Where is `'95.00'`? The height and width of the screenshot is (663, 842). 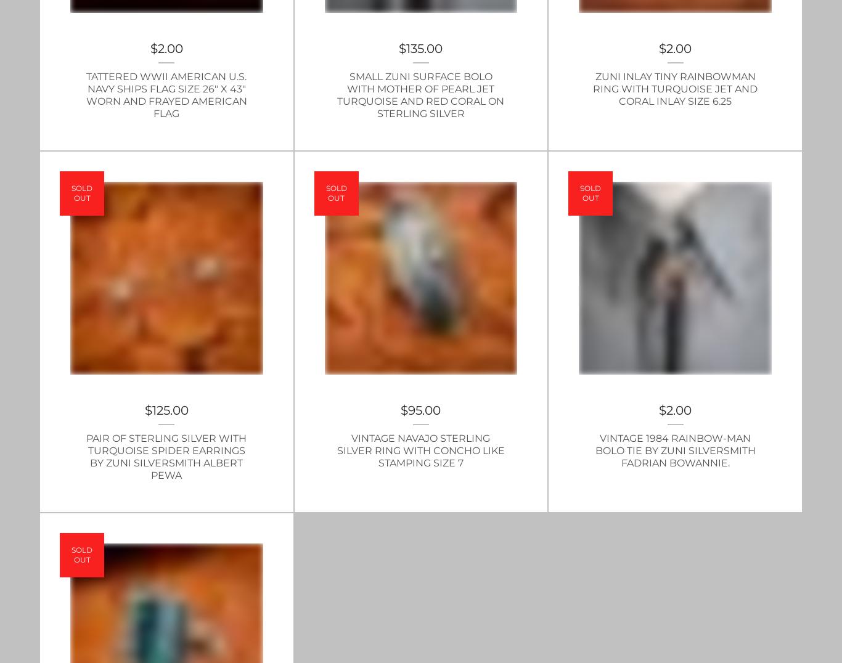
'95.00' is located at coordinates (424, 409).